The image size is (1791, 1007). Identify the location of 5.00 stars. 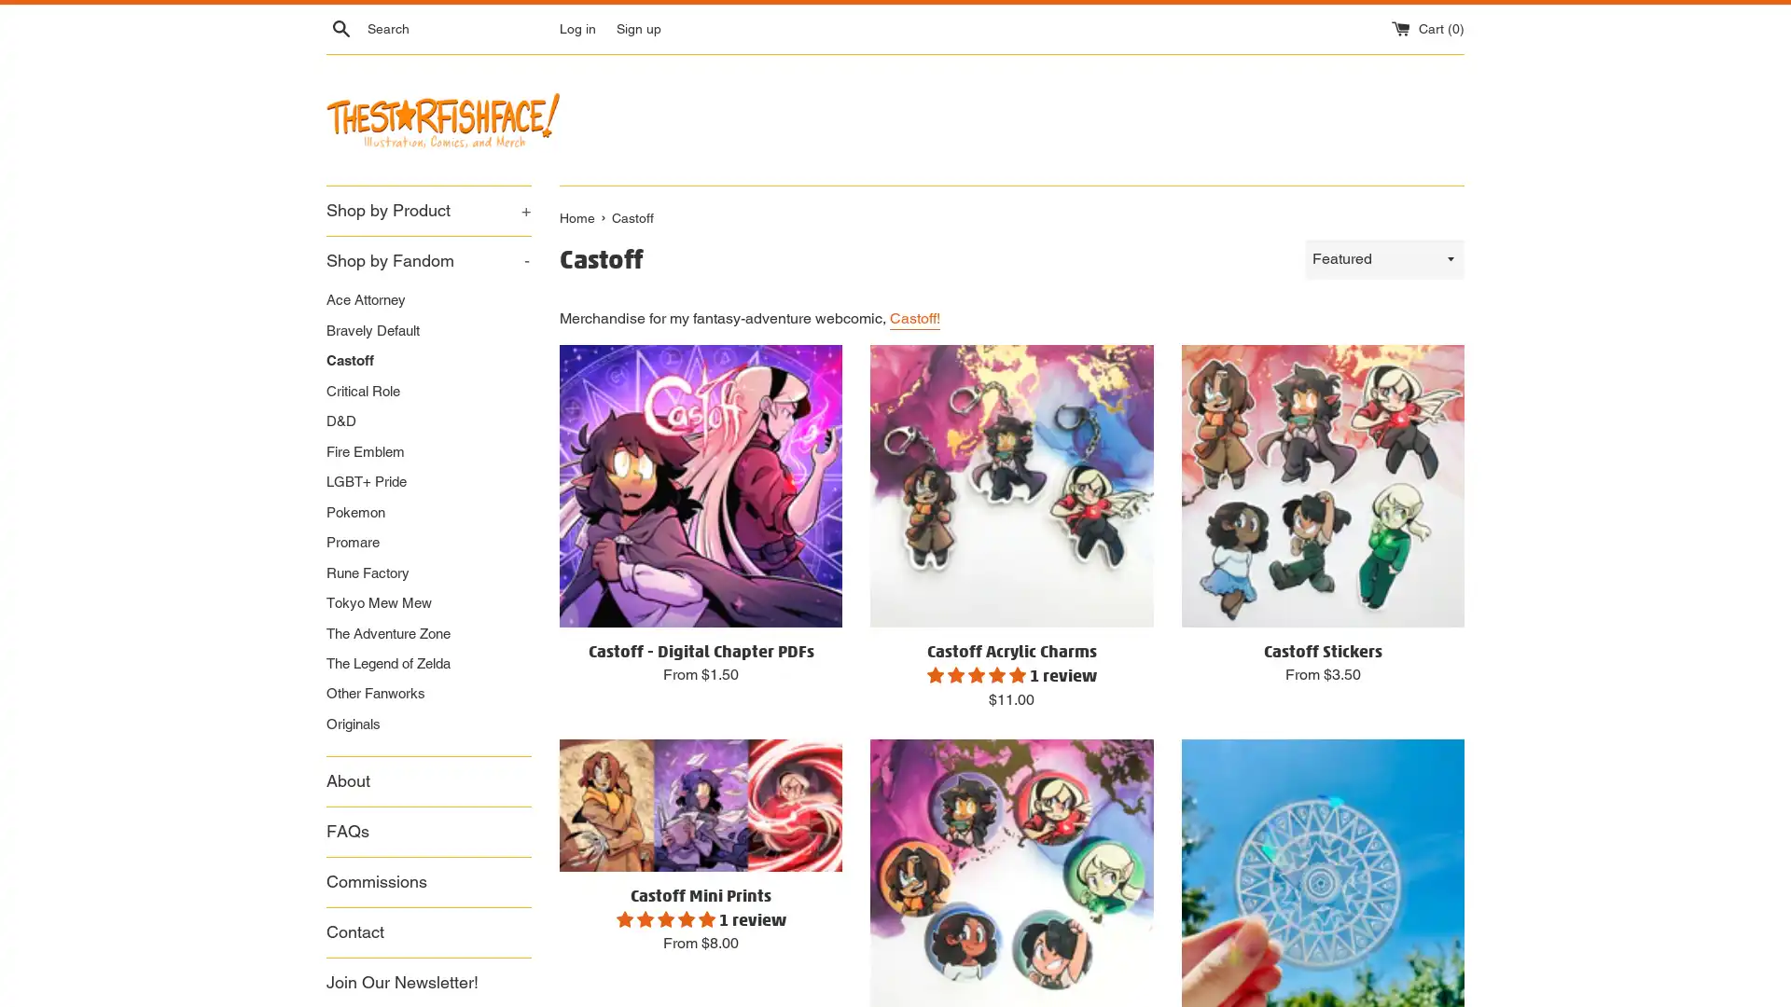
(667, 916).